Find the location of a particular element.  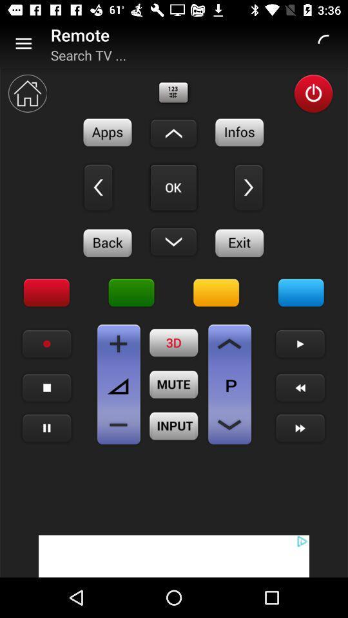

turn down the volume is located at coordinates (119, 424).